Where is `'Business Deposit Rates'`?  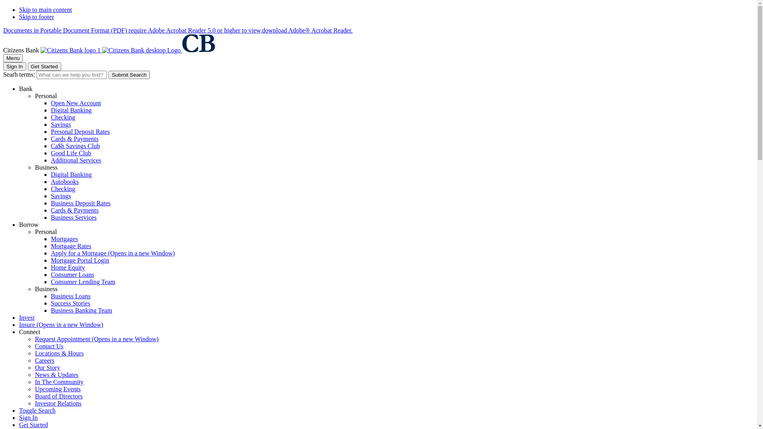 'Business Deposit Rates' is located at coordinates (80, 203).